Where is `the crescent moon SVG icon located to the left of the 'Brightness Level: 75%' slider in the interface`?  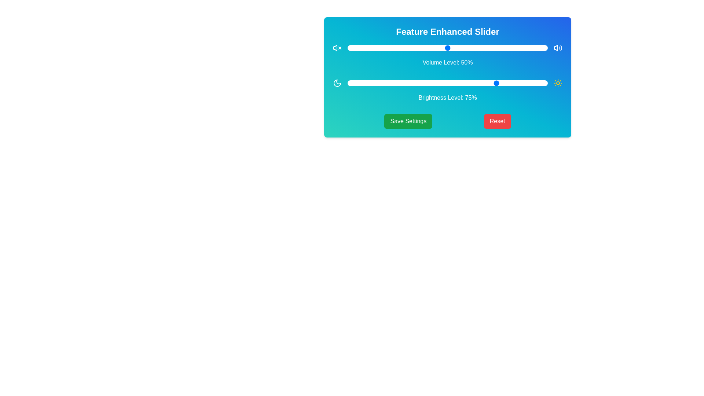 the crescent moon SVG icon located to the left of the 'Brightness Level: 75%' slider in the interface is located at coordinates (337, 83).